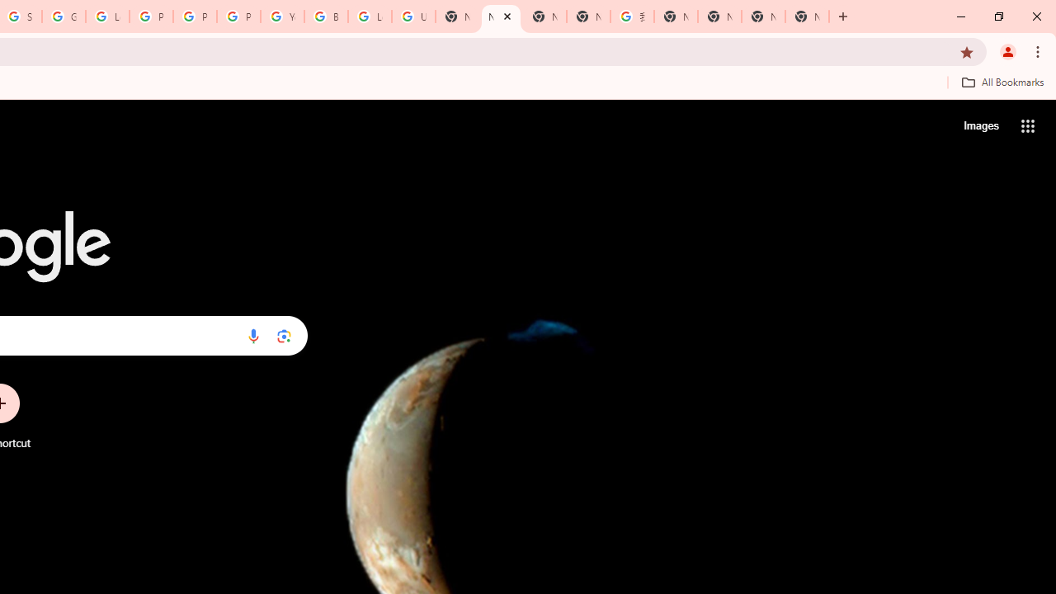  Describe the element at coordinates (981, 125) in the screenshot. I see `'Search for Images '` at that location.